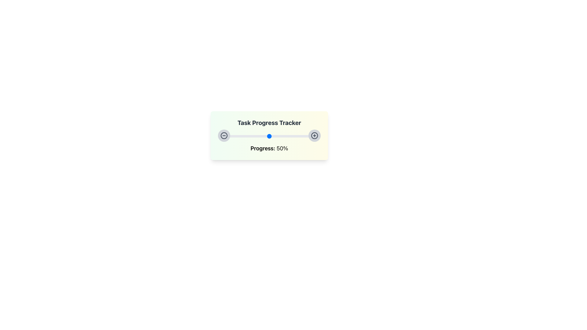  Describe the element at coordinates (286, 136) in the screenshot. I see `the slider` at that location.